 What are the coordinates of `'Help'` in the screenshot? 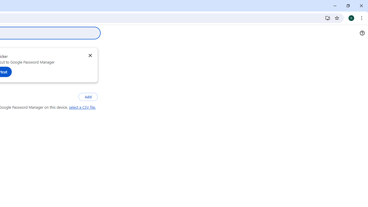 It's located at (362, 33).